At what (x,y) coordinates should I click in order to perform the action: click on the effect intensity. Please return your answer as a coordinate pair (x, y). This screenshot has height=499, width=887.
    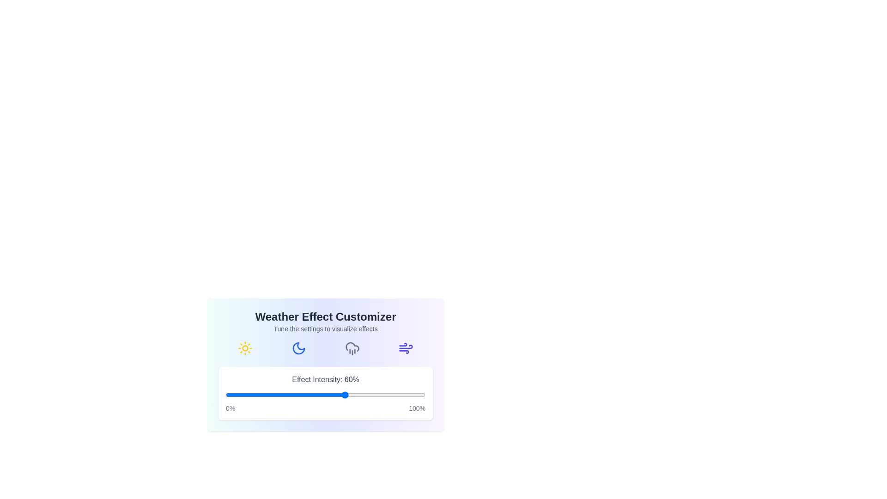
    Looking at the image, I should click on (355, 395).